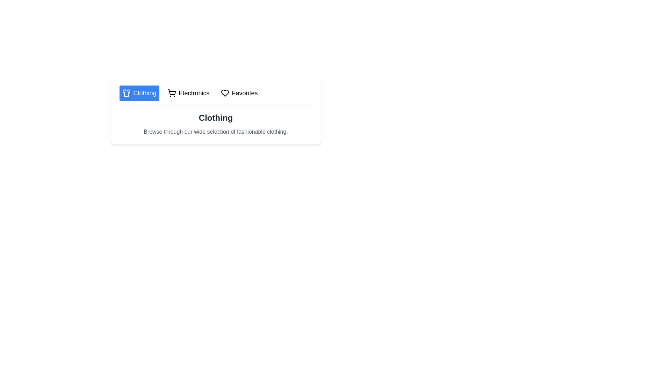  What do you see at coordinates (239, 93) in the screenshot?
I see `the Favorites tab to switch to the corresponding category` at bounding box center [239, 93].